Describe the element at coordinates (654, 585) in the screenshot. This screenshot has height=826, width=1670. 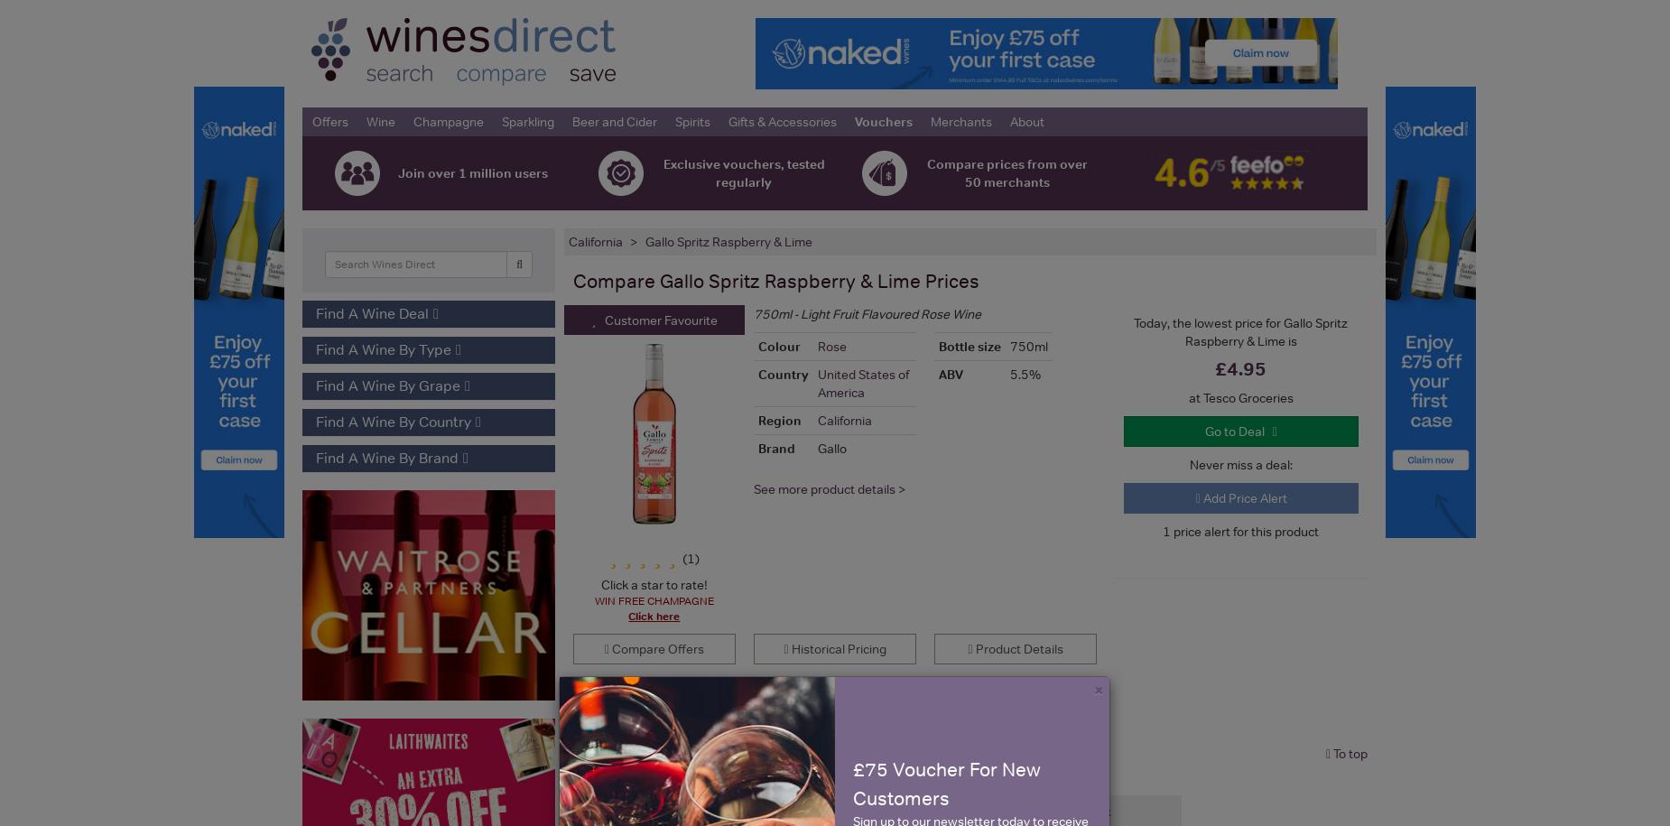
I see `'Click a star to rate!'` at that location.